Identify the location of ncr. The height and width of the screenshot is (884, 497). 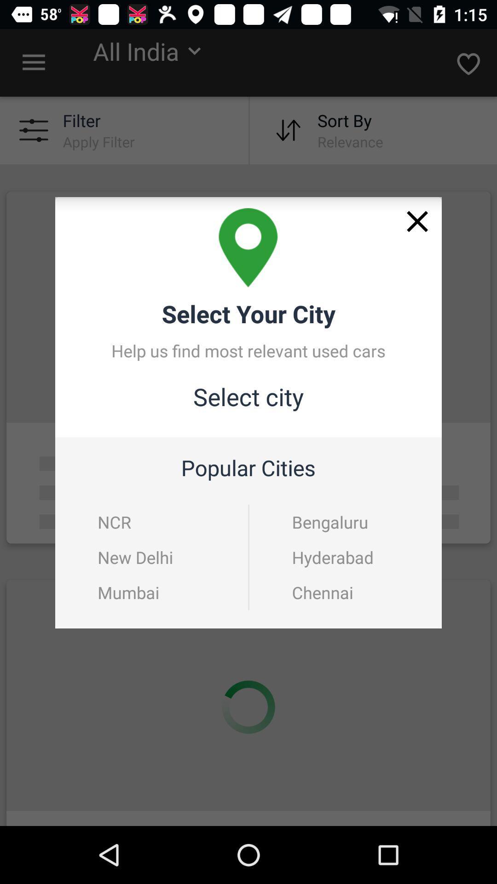
(114, 522).